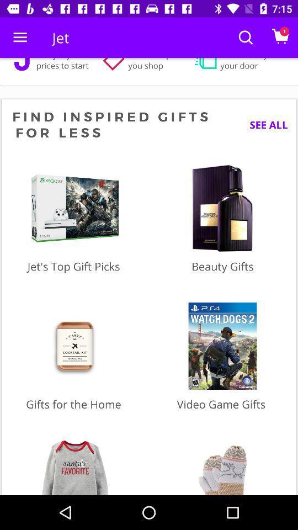 This screenshot has height=530, width=298. I want to click on the see all item, so click(264, 125).